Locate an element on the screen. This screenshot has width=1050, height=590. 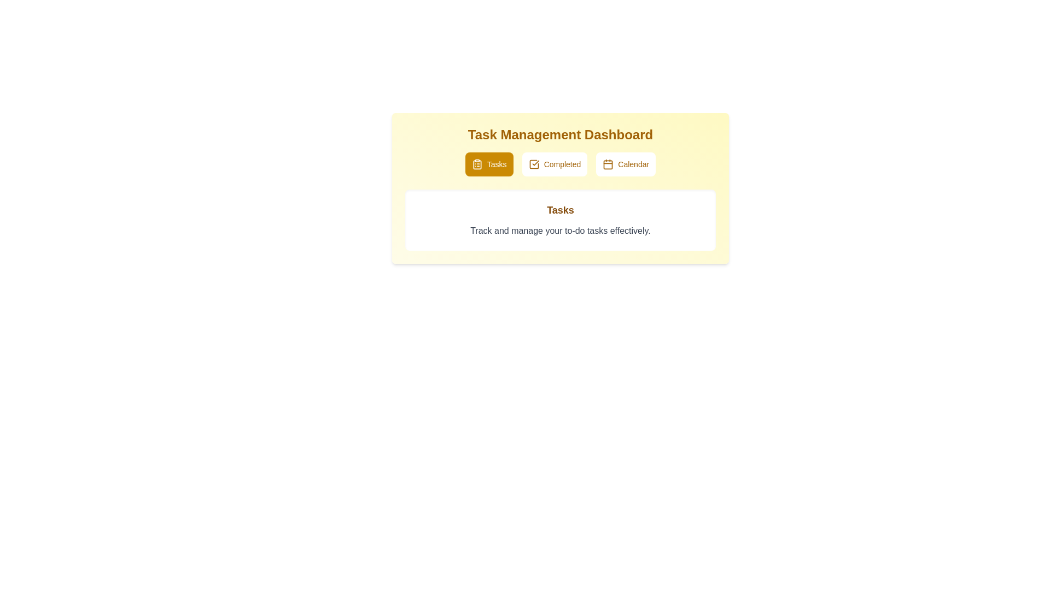
the Tasks tab by clicking its button is located at coordinates (488, 164).